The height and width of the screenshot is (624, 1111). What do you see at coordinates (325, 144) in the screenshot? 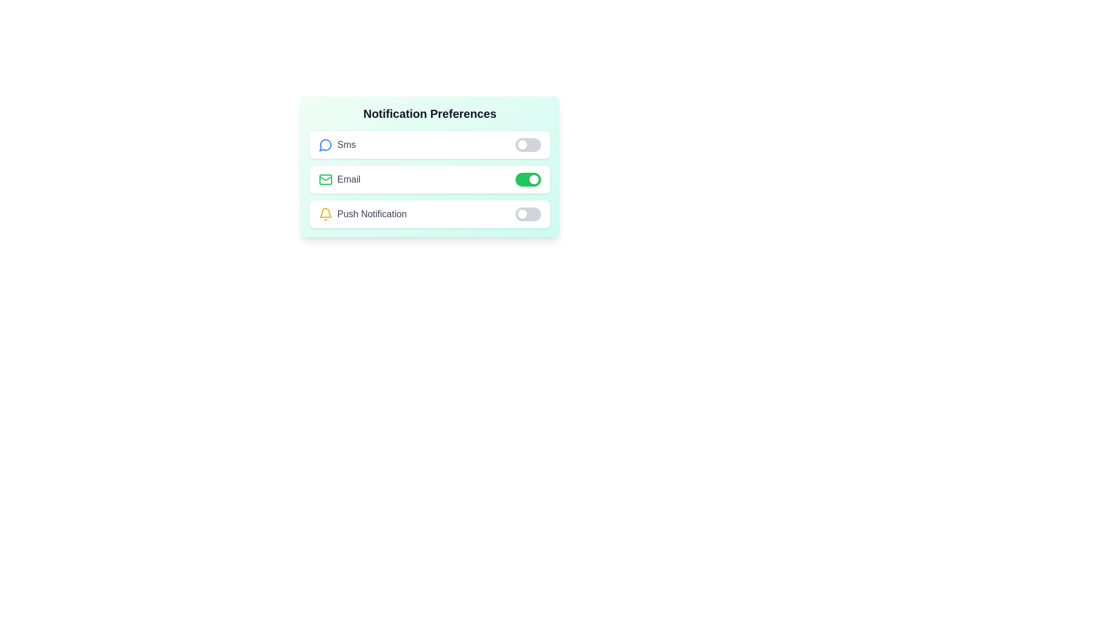
I see `the blue outline of the message bubble icon located in the notification preferences section, which is positioned to the upper-left of the 'SMS' notification preference option` at bounding box center [325, 144].